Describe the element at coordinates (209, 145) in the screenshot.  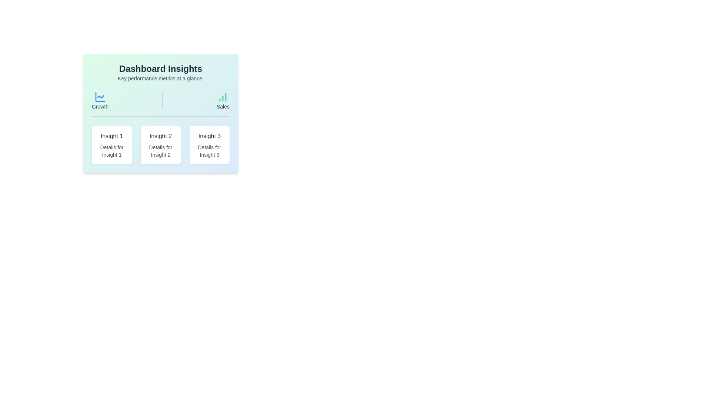
I see `the Visual card component located at the far right of a grid of three cards, below the heading 'Dashboard Insights'` at that location.